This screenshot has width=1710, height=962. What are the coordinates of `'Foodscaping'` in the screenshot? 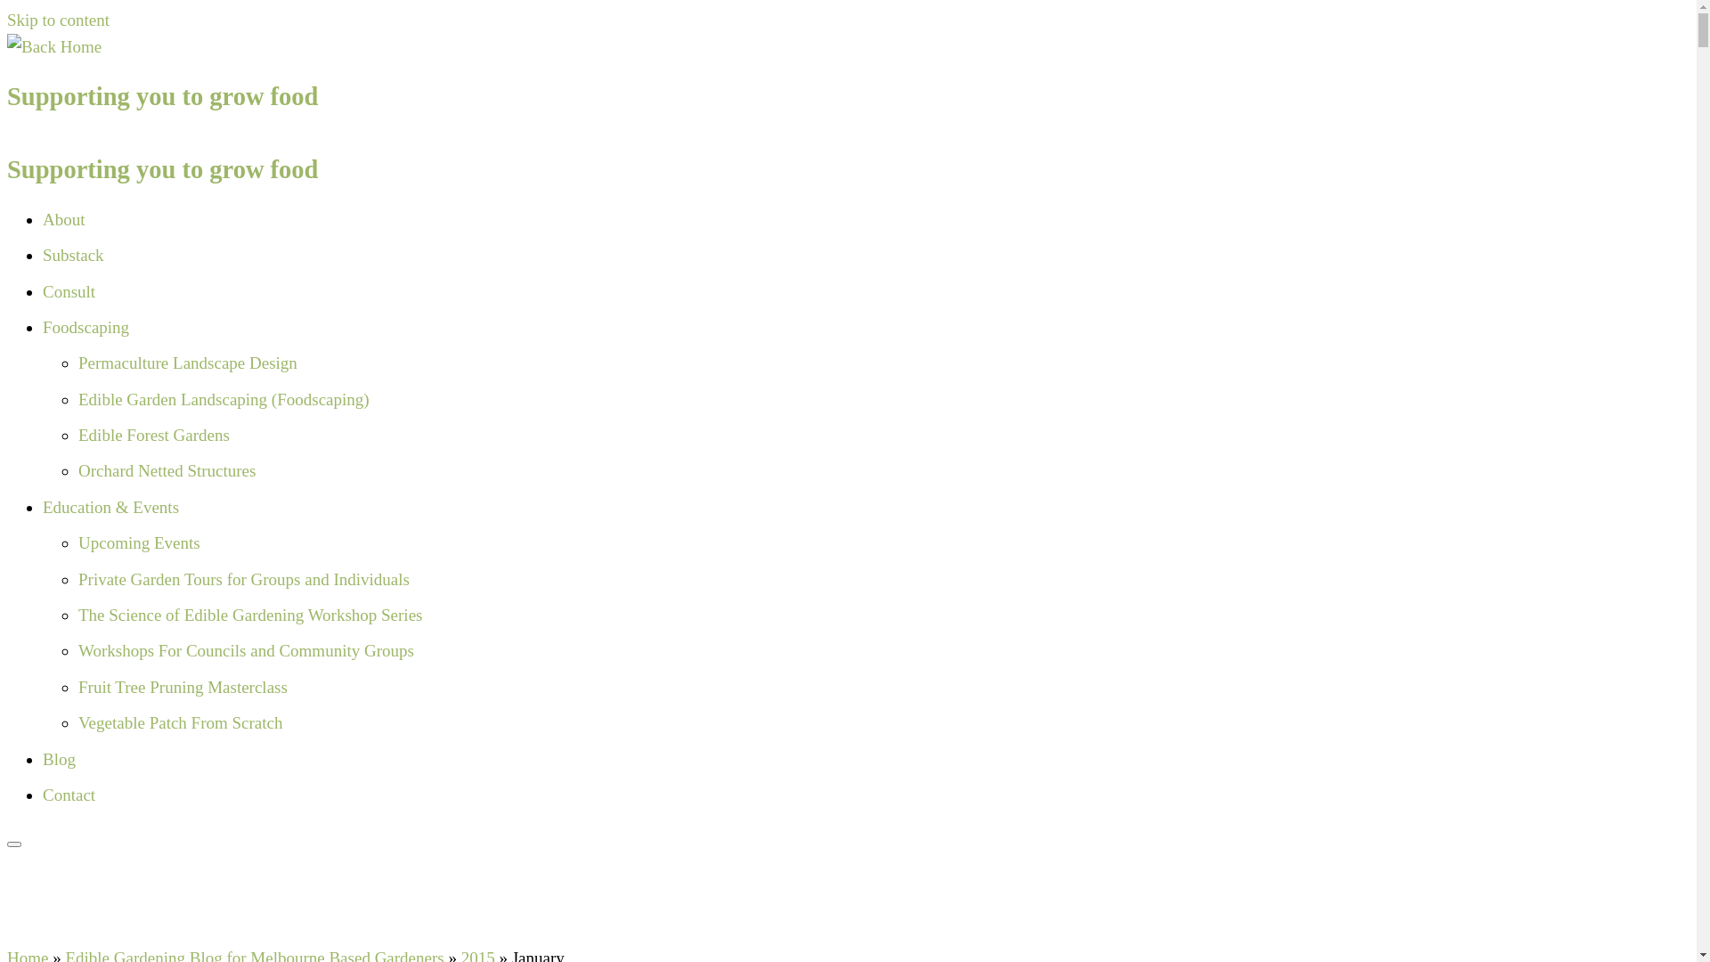 It's located at (43, 327).